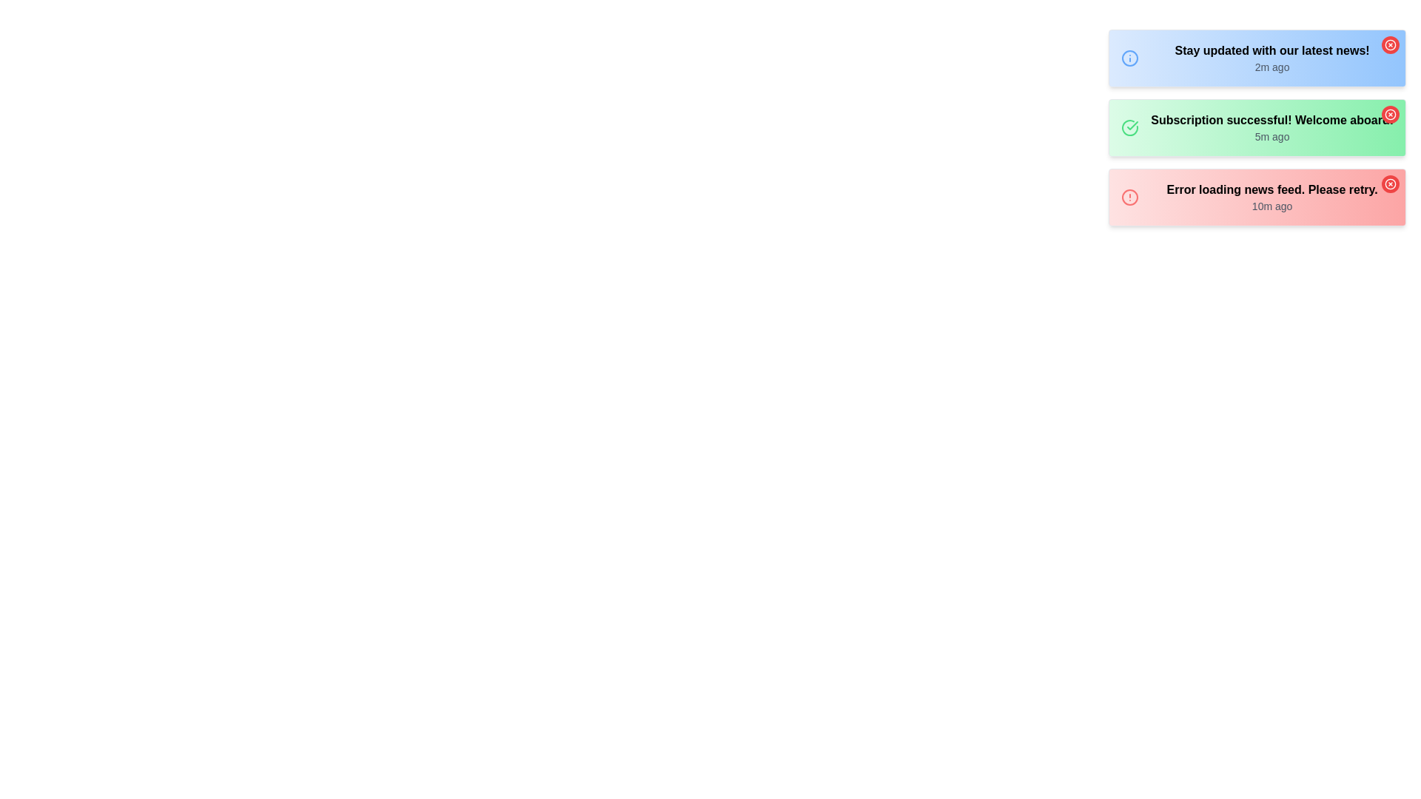 This screenshot has height=799, width=1421. I want to click on the central circular component of the dismissal icon within the green notification entry, so click(1389, 113).